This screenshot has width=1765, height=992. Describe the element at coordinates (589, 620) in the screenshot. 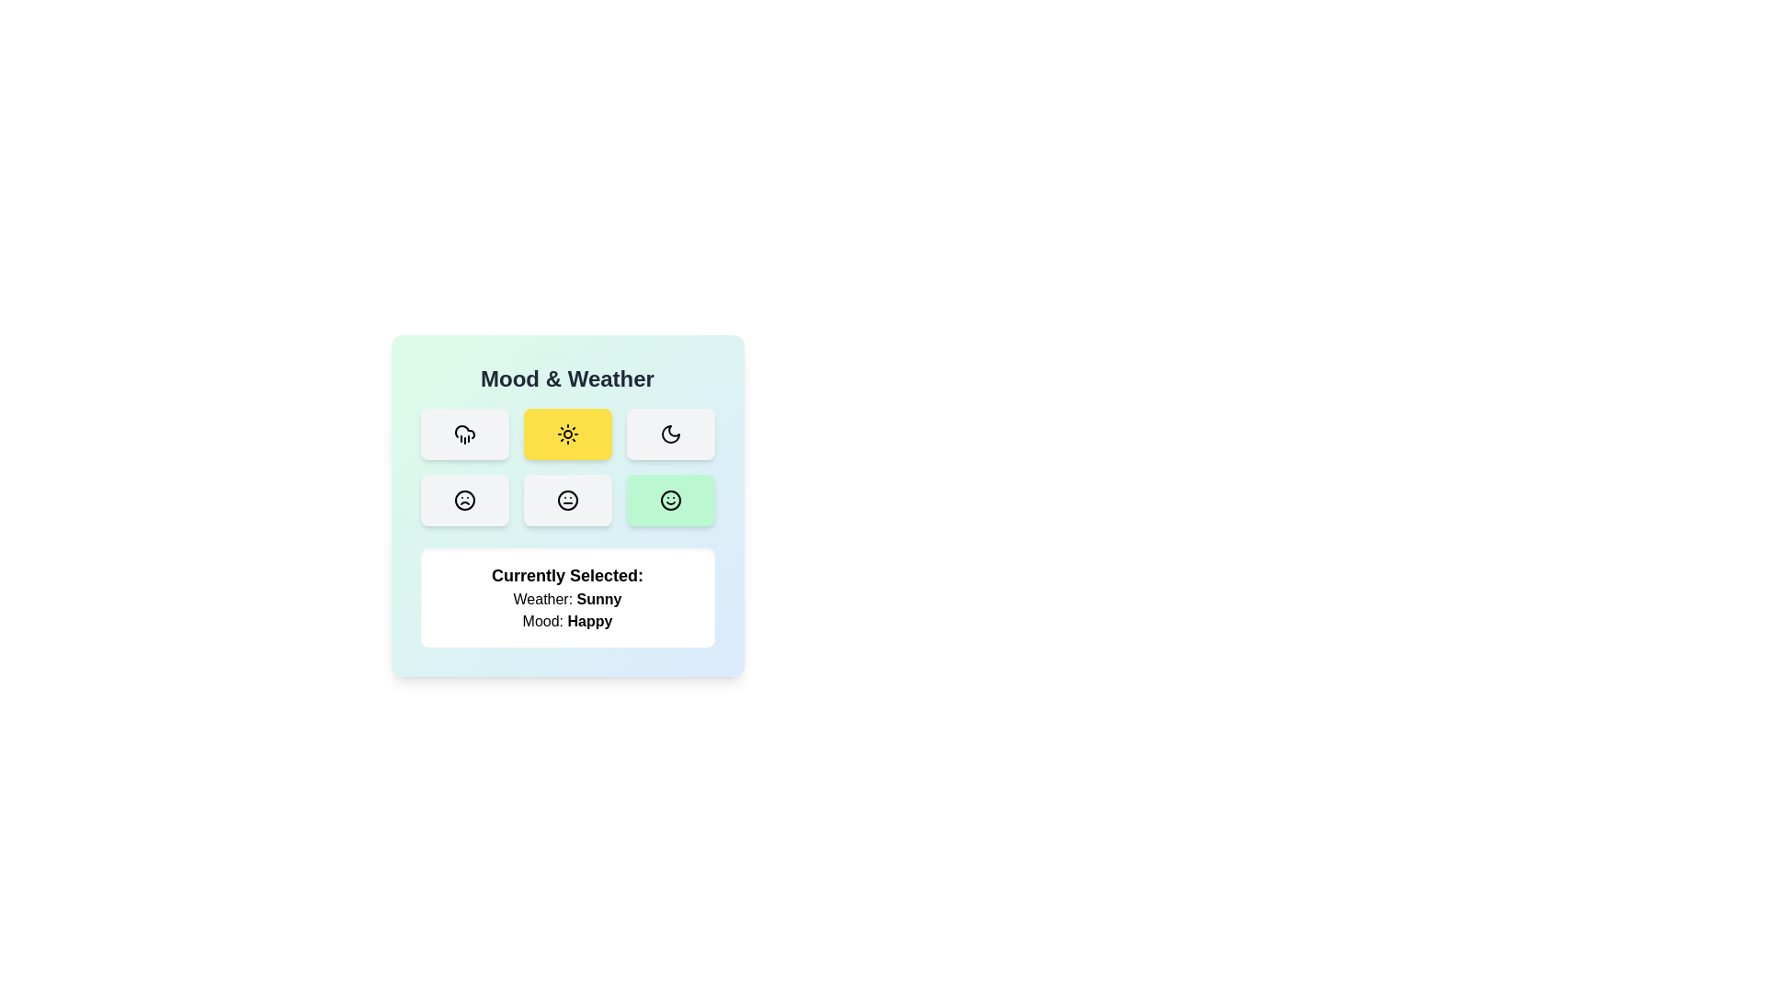

I see `the 'happy' text display located in the 'Currently Selected' section under the 'Mood' descriptor by moving the cursor to its center` at that location.